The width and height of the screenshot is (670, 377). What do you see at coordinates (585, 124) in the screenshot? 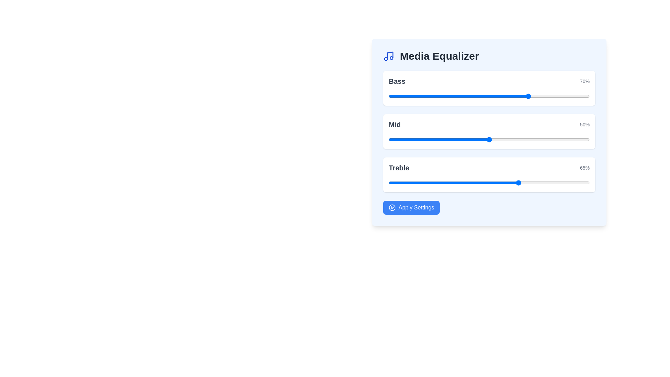
I see `the text label displaying '50%' in gray font, which is positioned on the right side of the slider labeled 'Mid'` at bounding box center [585, 124].